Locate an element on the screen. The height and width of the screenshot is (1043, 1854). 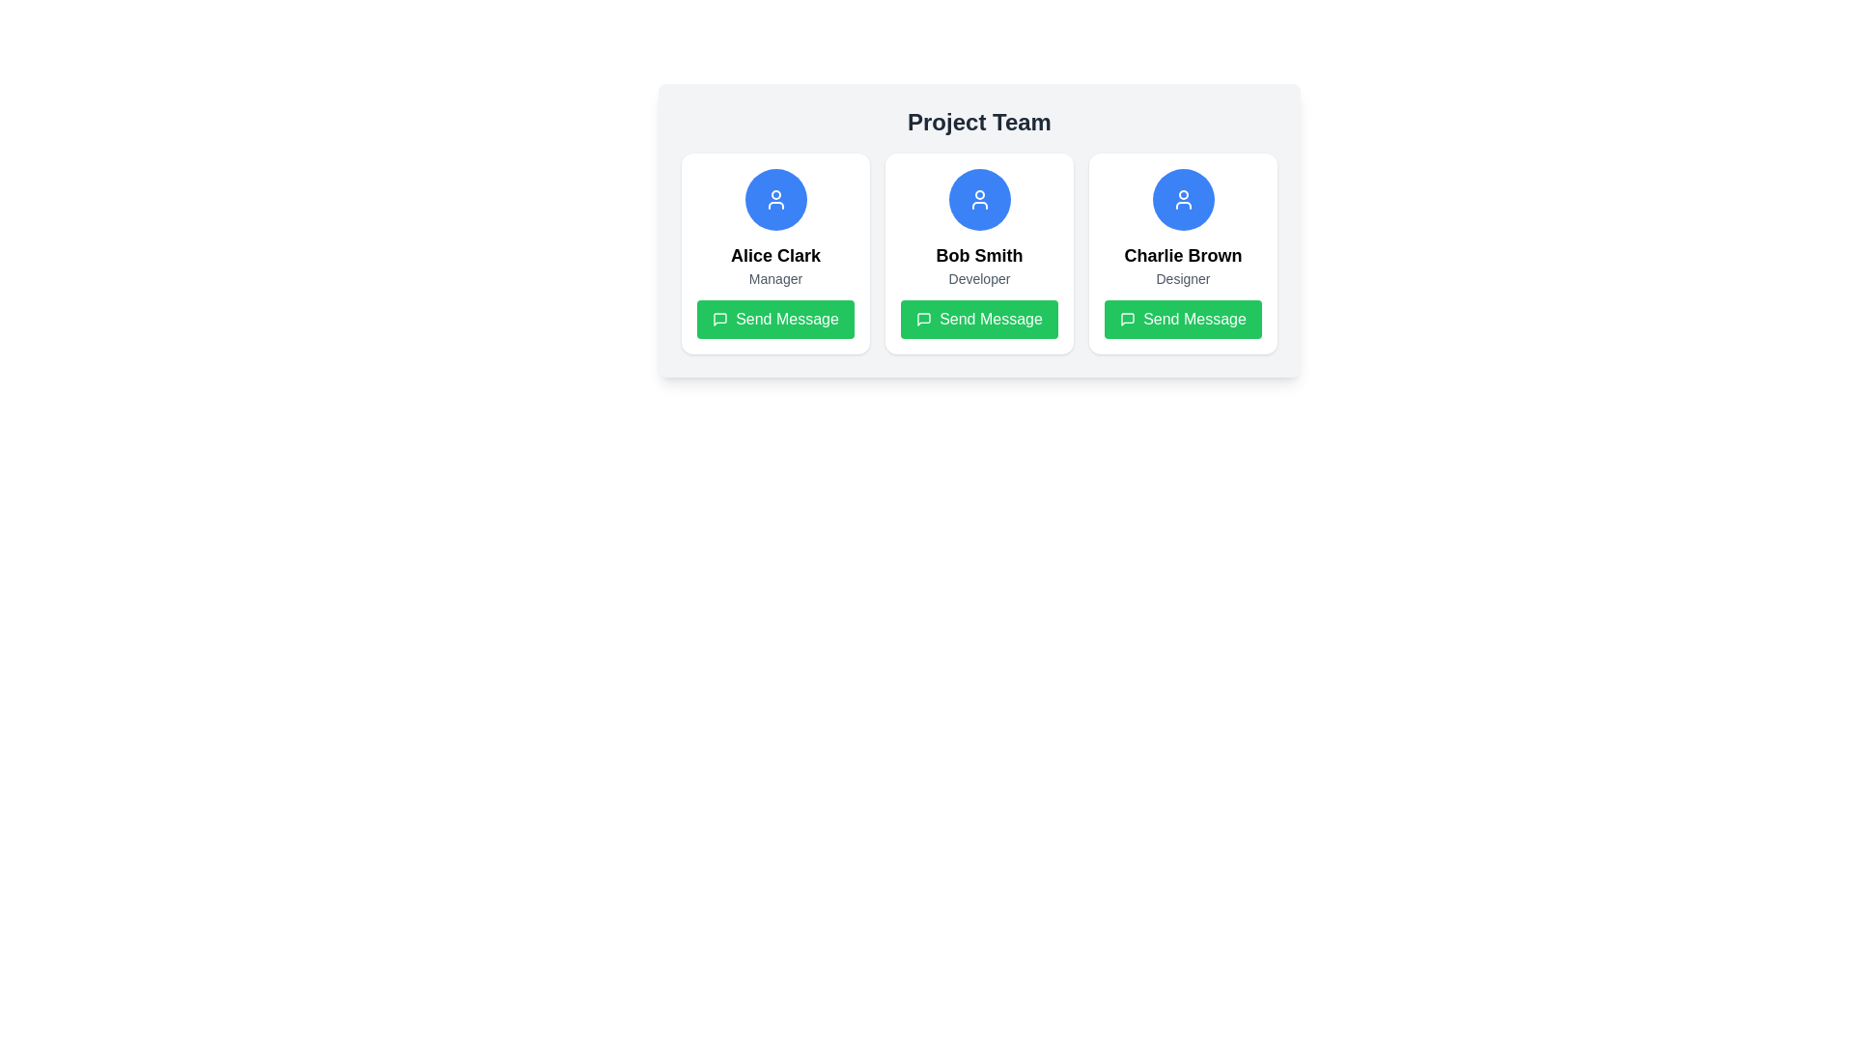
the user profile icon representing 'Charlie Brown' located in the rightmost panel under 'Project Team', which has a blue background and thin black outlines is located at coordinates (1182, 200).